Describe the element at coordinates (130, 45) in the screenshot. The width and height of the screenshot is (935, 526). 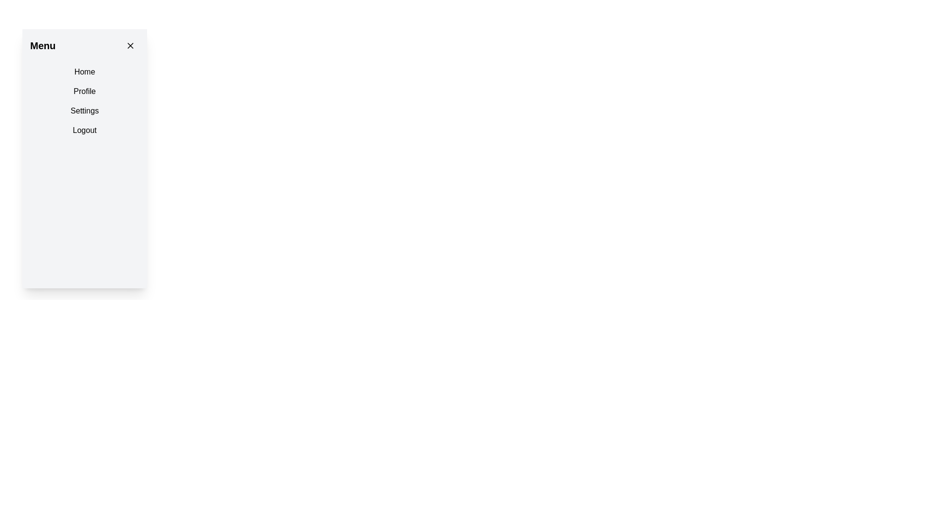
I see `the Close button icon located in the top-right corner of the menu panel, which is represented by an 'X' icon used to dismiss the menu or dialog` at that location.